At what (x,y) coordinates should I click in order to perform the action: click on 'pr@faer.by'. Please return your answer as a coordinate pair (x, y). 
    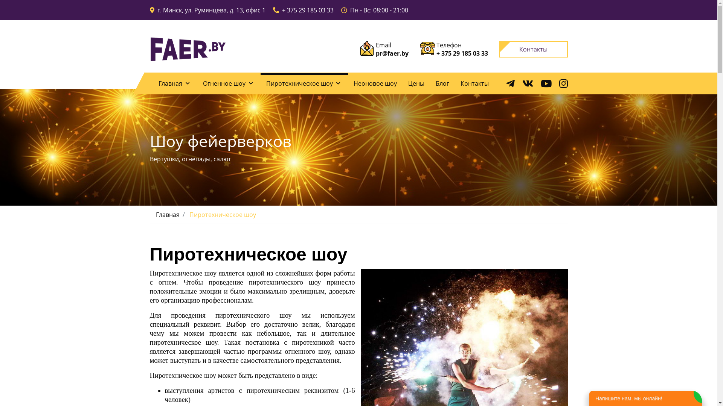
    Looking at the image, I should click on (392, 53).